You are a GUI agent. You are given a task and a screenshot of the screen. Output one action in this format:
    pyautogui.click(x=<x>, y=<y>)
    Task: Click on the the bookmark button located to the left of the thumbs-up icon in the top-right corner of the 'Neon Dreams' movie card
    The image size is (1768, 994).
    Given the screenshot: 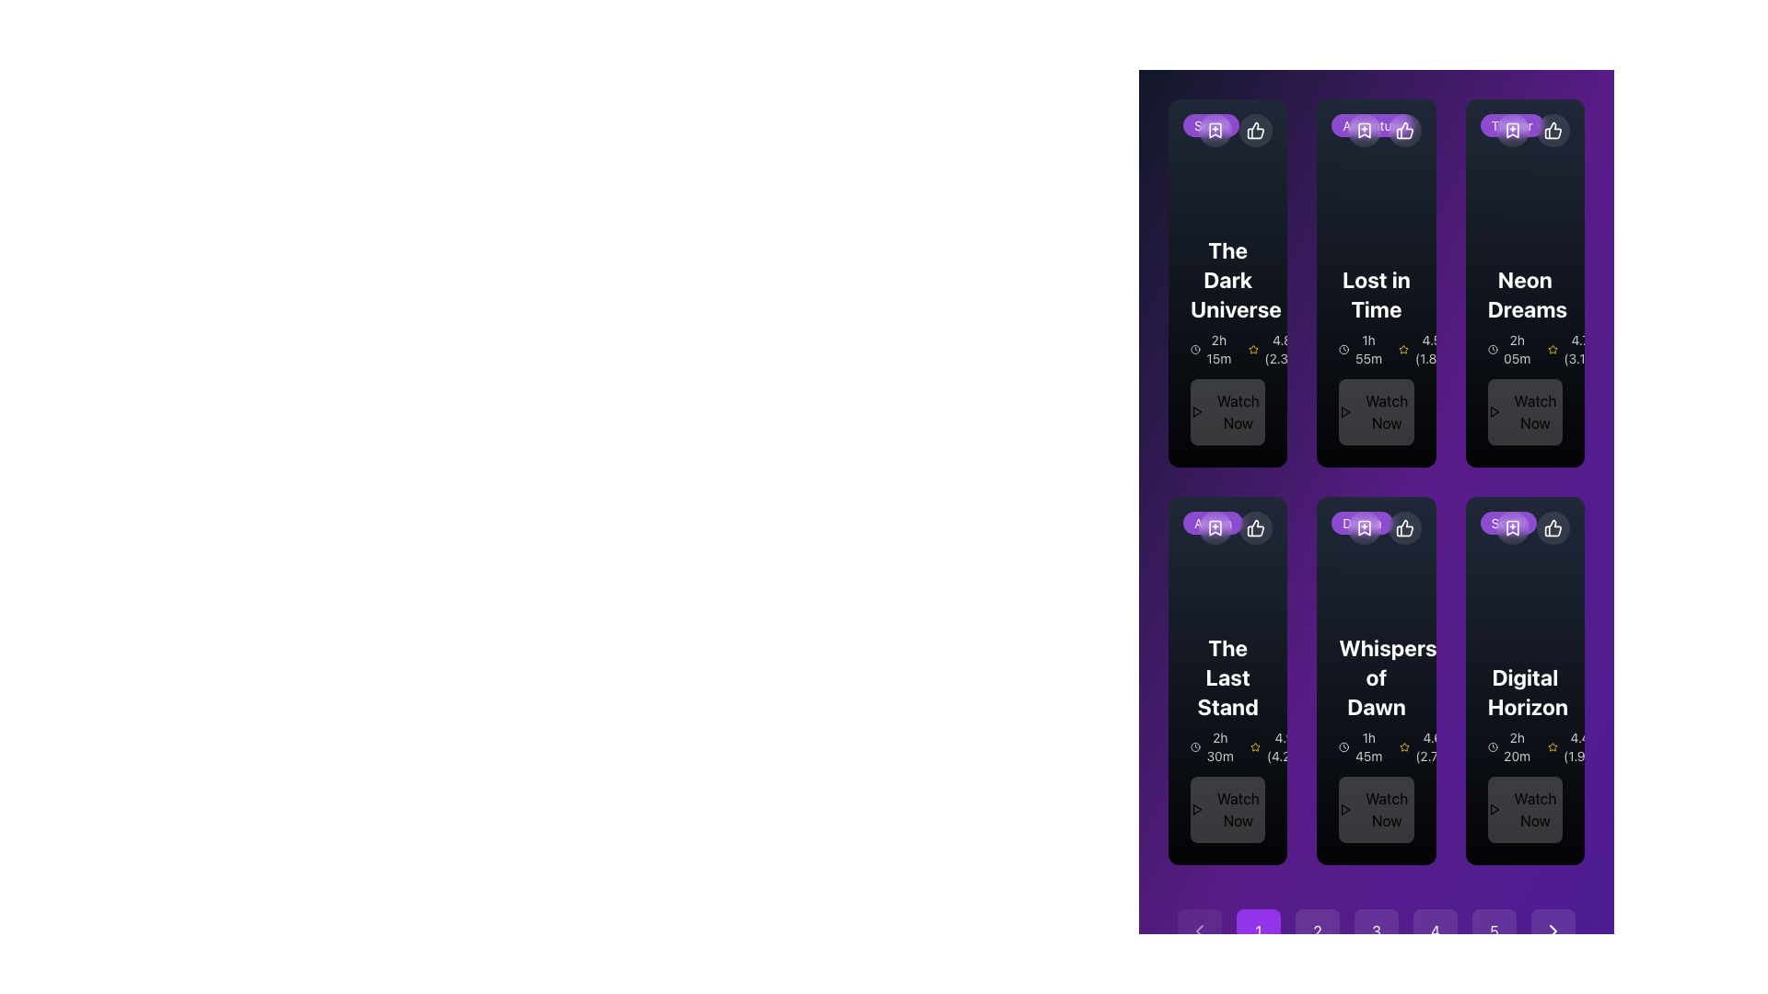 What is the action you would take?
    pyautogui.click(x=1533, y=130)
    